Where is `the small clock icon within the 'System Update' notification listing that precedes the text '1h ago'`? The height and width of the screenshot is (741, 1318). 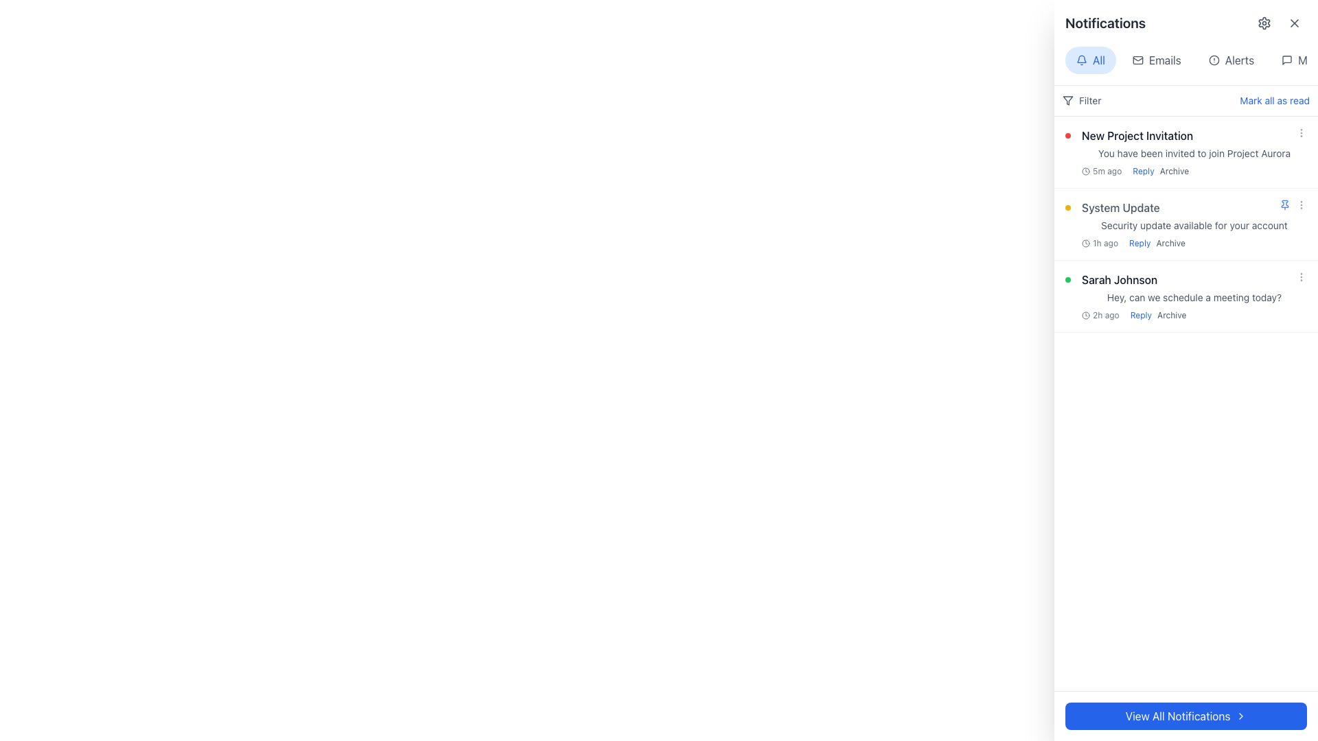
the small clock icon within the 'System Update' notification listing that precedes the text '1h ago' is located at coordinates (1085, 242).